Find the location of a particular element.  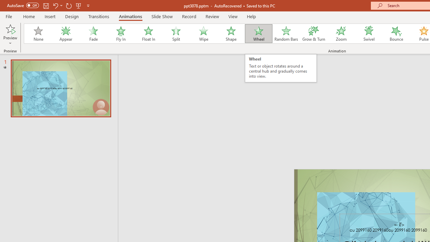

'Fly In' is located at coordinates (121, 34).